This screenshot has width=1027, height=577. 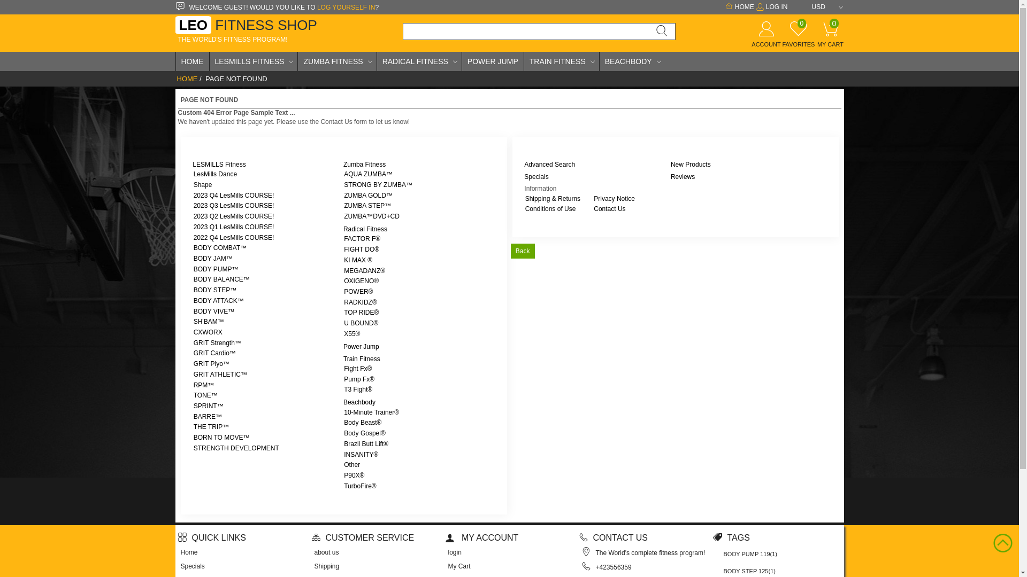 What do you see at coordinates (189, 552) in the screenshot?
I see `'Home'` at bounding box center [189, 552].